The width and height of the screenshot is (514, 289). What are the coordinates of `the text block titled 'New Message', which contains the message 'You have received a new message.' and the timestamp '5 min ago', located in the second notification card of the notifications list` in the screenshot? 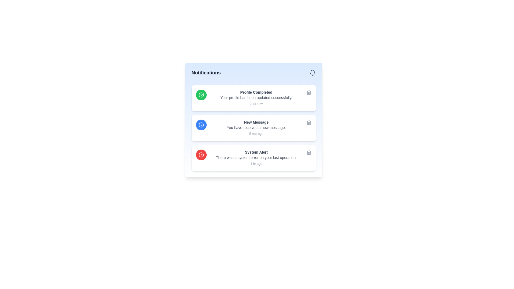 It's located at (256, 128).